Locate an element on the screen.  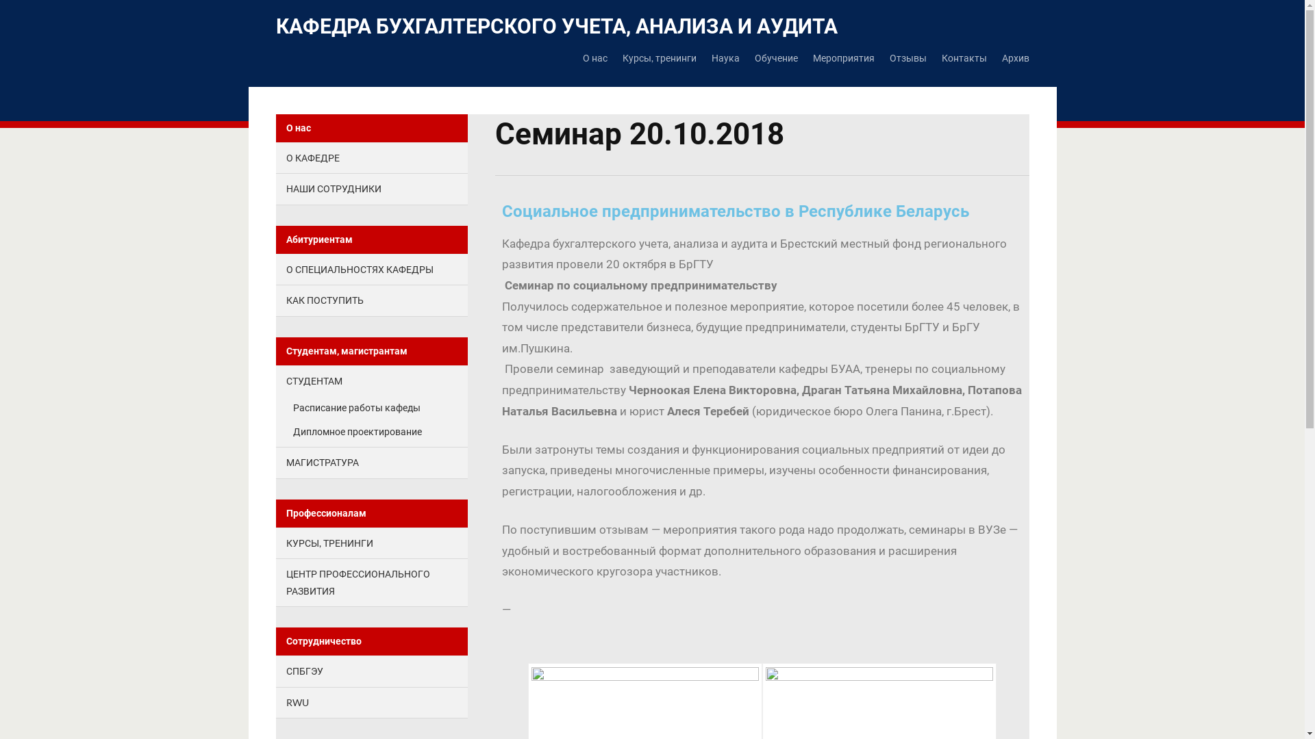
'RWU' is located at coordinates (297, 702).